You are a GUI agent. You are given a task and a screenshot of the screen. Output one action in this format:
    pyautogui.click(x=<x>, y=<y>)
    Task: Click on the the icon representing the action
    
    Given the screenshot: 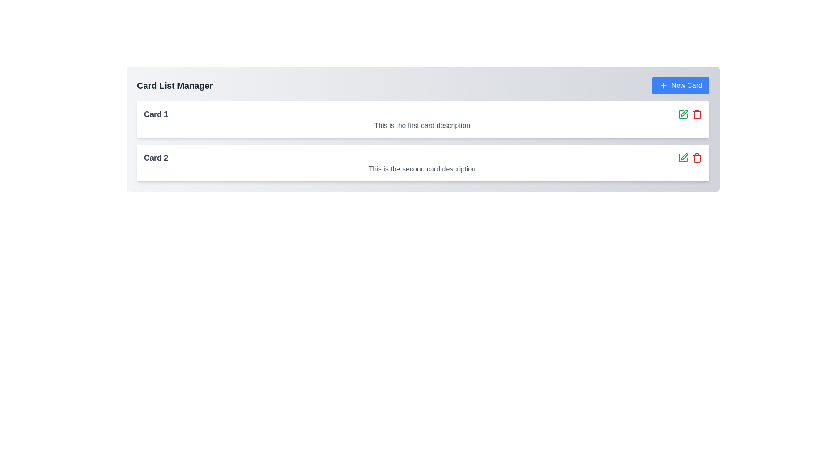 What is the action you would take?
    pyautogui.click(x=663, y=85)
    